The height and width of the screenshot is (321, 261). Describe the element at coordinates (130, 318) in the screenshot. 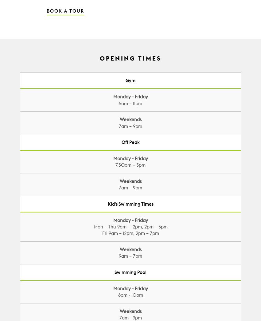

I see `'7am - 9pm'` at that location.